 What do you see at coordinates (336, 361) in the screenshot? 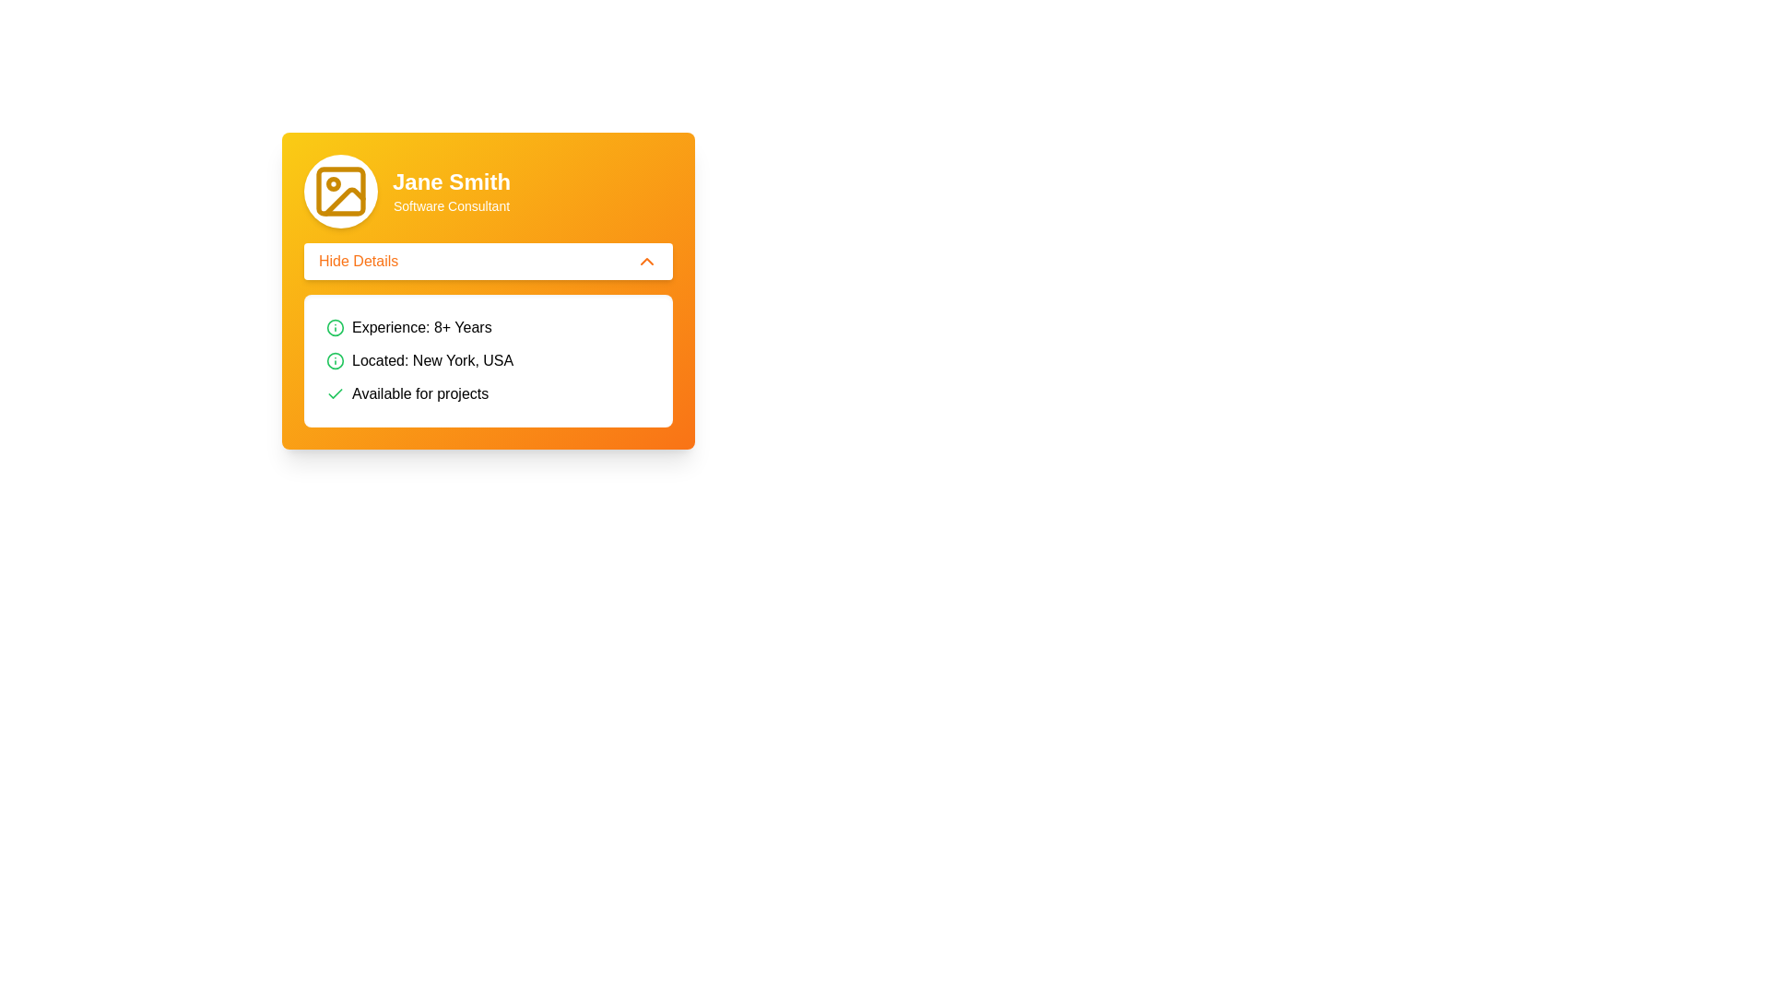
I see `the circular icon located to the left of the text 'Experience: 8+ Years' within the card layout, below the 'Hide Details' button` at bounding box center [336, 361].